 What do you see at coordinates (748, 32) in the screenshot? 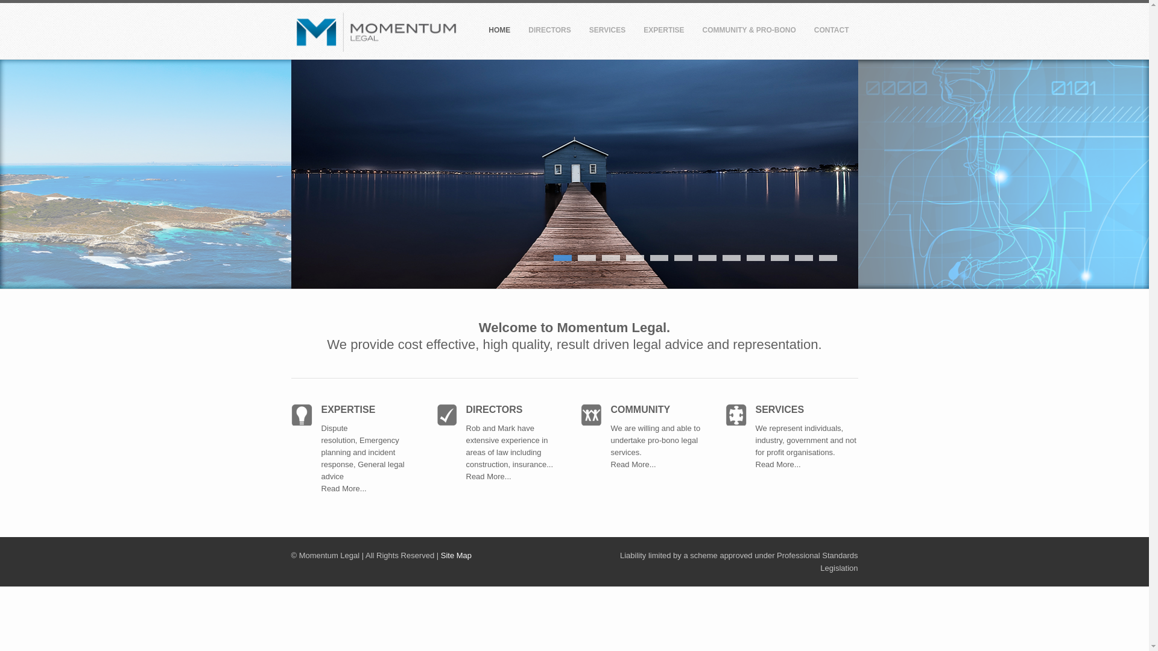
I see `'COMMUNITY & PRO-BONO'` at bounding box center [748, 32].